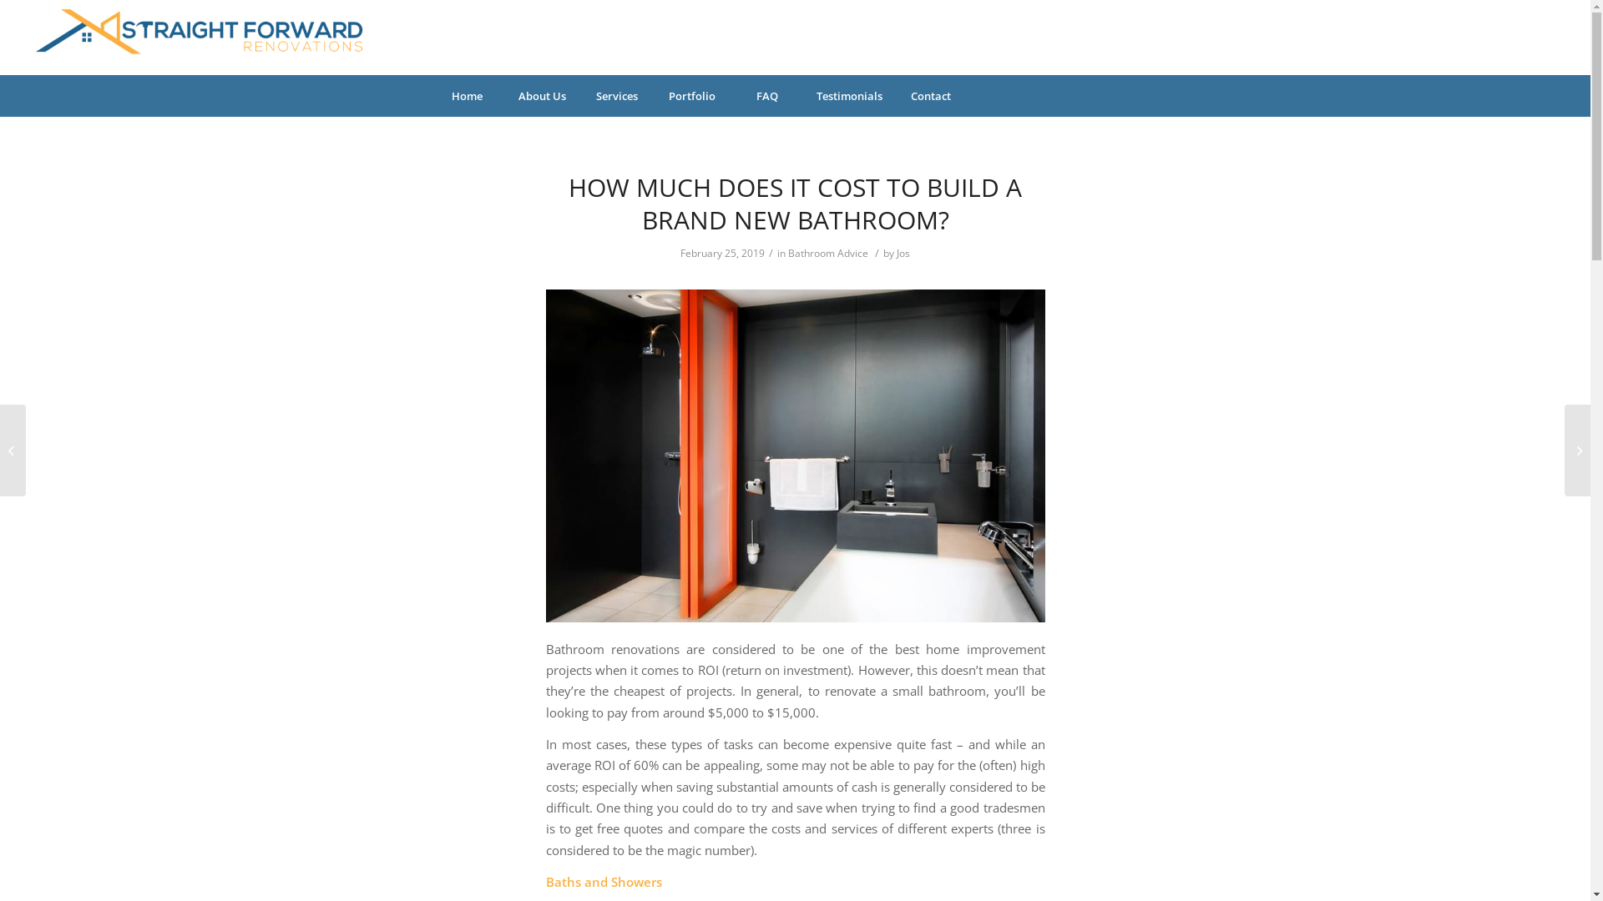  What do you see at coordinates (466, 96) in the screenshot?
I see `'Home'` at bounding box center [466, 96].